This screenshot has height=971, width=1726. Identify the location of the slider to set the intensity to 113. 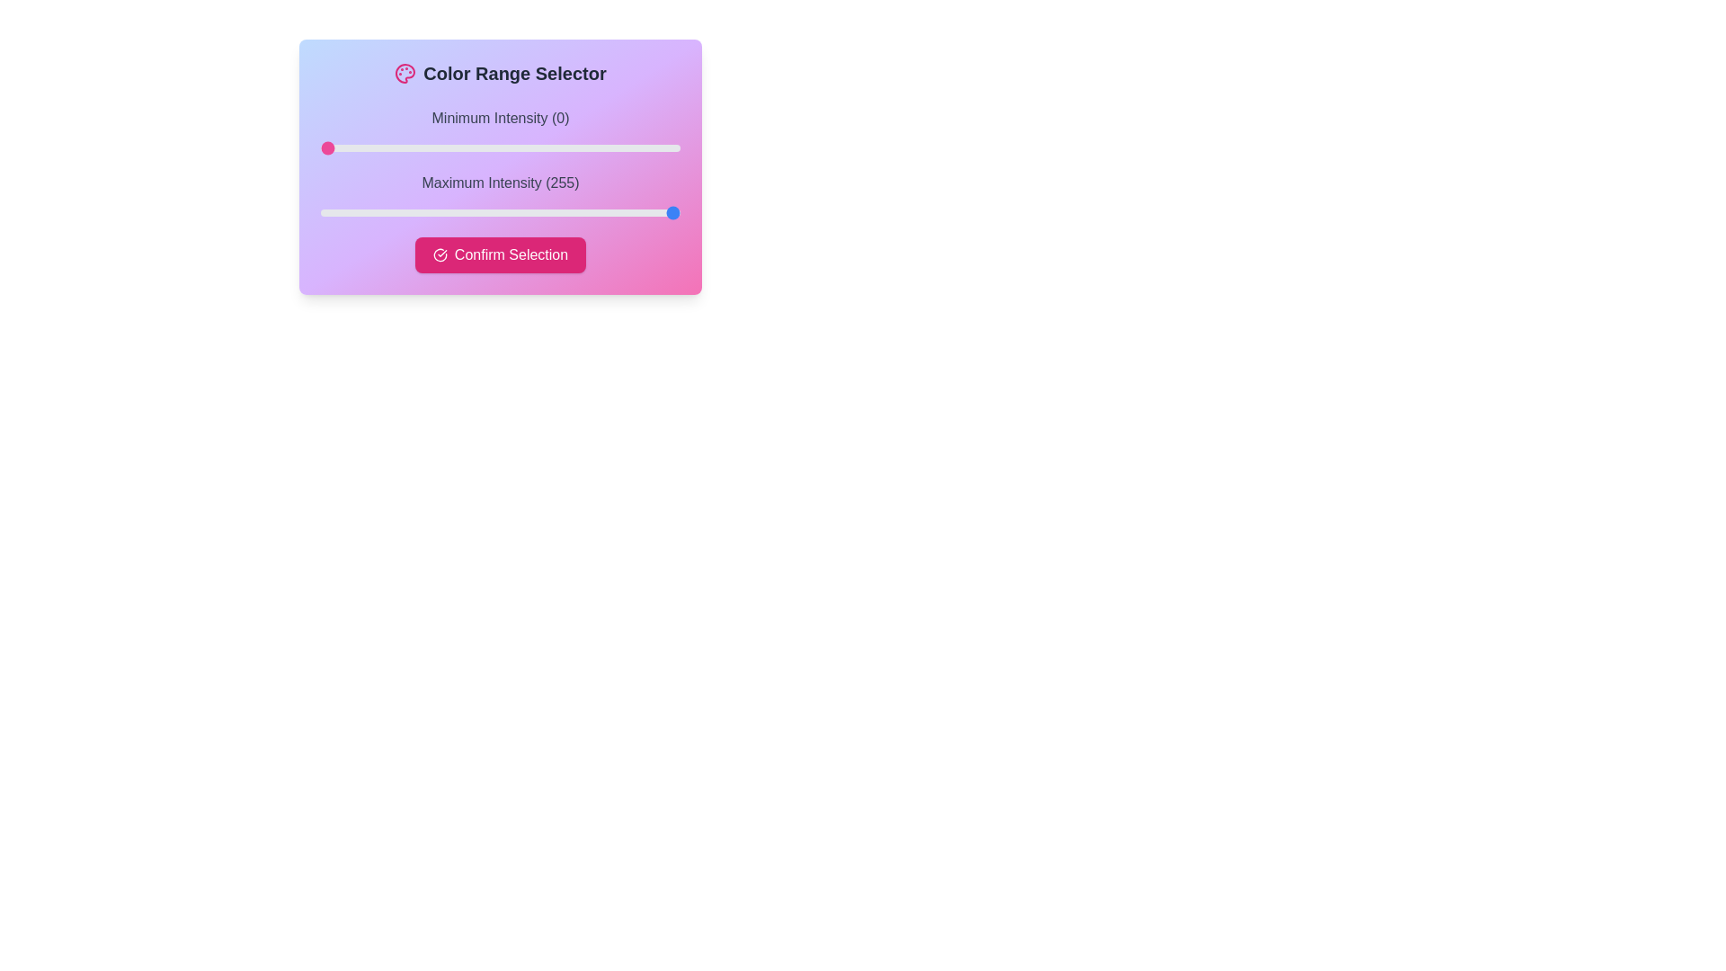
(480, 147).